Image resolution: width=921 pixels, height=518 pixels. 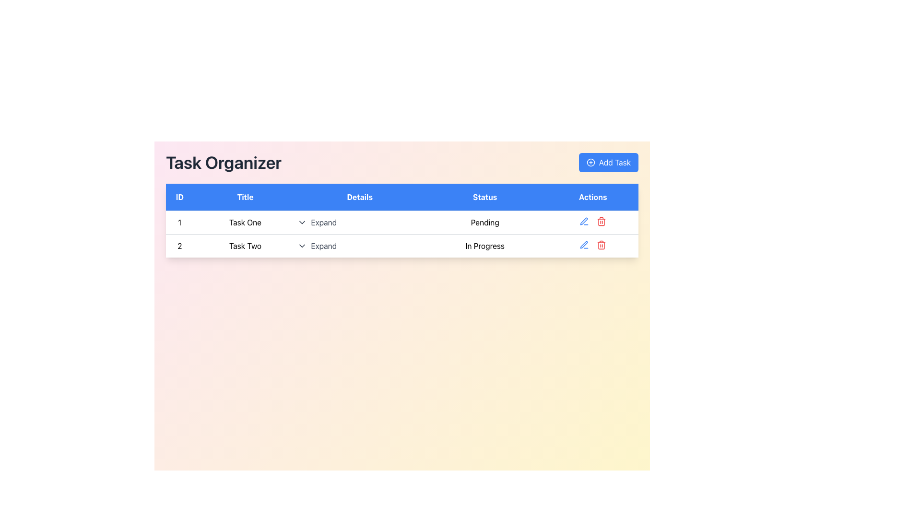 I want to click on bold numeral '2' located in the first column of the second row in the task table for reference, so click(x=179, y=245).